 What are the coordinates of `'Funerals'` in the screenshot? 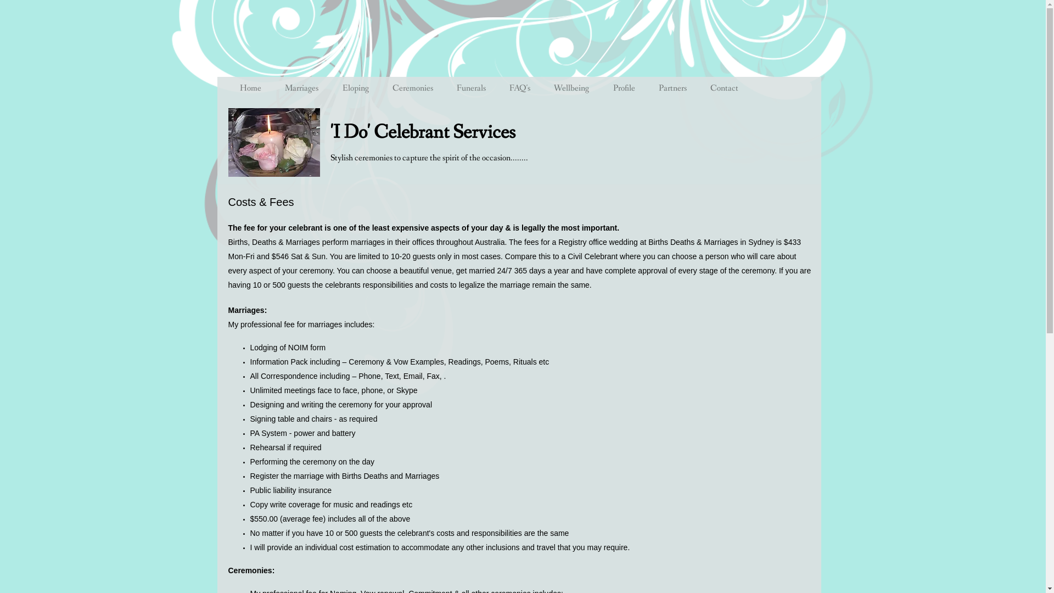 It's located at (445, 88).